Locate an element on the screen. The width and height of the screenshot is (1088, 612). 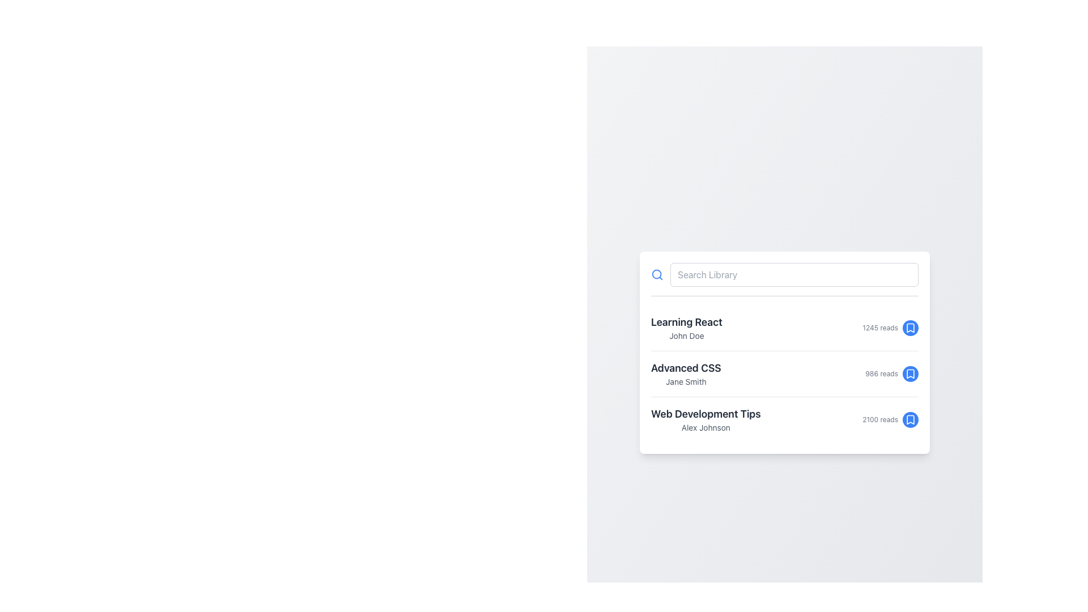
the Text Display element which shows 'Web Development Tips' as the title and 'Alex Johnson' as the subtitle is located at coordinates (705, 419).